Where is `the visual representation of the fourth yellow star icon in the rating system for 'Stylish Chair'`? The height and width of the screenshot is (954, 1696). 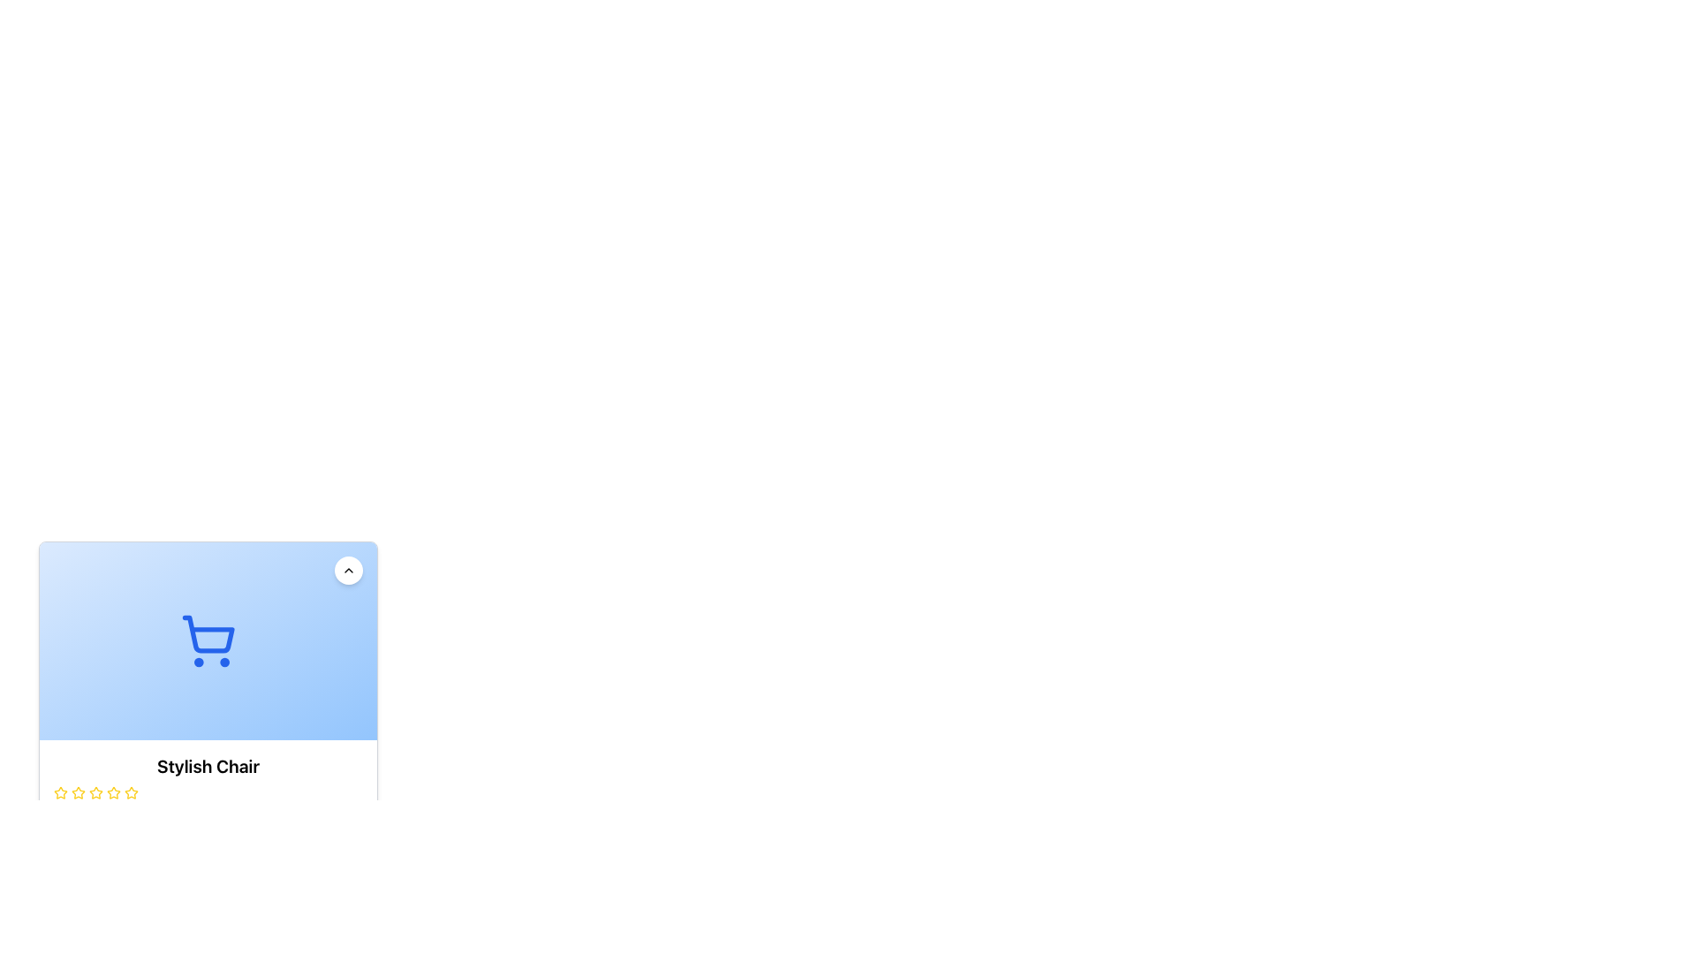 the visual representation of the fourth yellow star icon in the rating system for 'Stylish Chair' is located at coordinates (130, 791).